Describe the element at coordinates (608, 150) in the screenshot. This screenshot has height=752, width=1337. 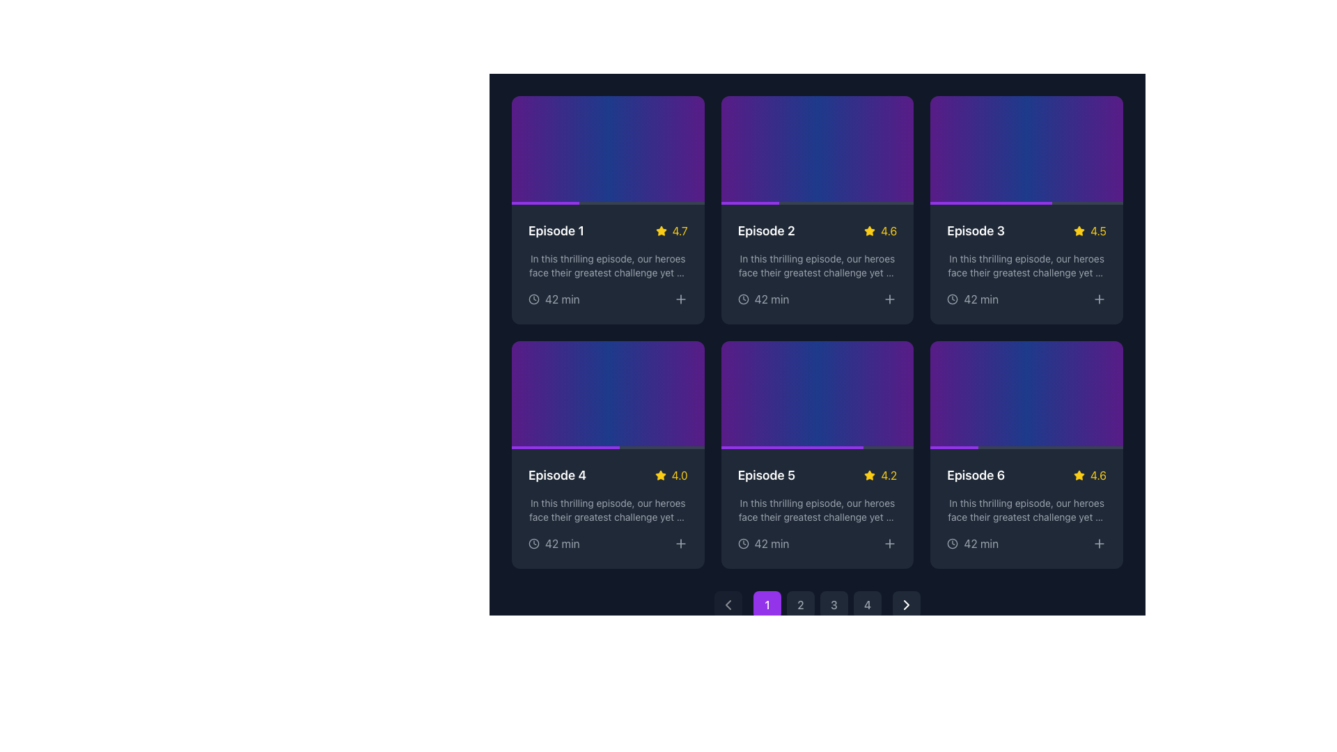
I see `the visual thumbnail area located at the top section of the first card in a 3x2 grid layout` at that location.